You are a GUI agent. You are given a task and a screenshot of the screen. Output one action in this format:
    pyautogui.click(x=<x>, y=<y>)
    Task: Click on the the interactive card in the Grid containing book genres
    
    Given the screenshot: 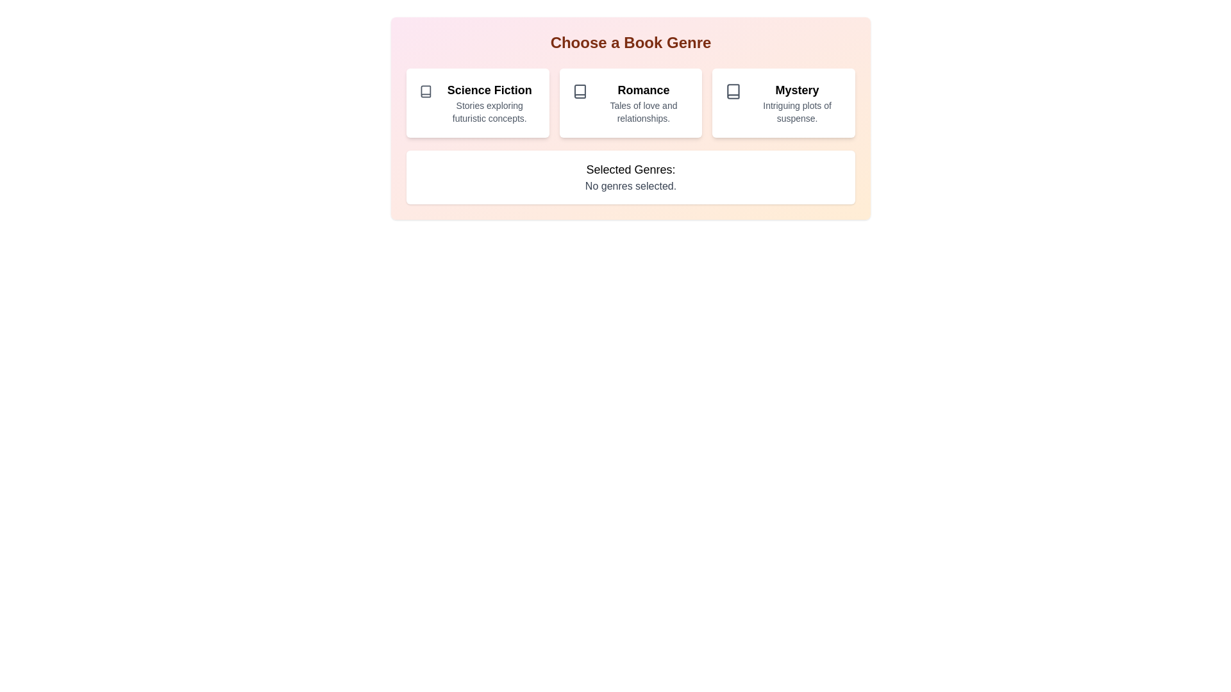 What is the action you would take?
    pyautogui.click(x=630, y=103)
    